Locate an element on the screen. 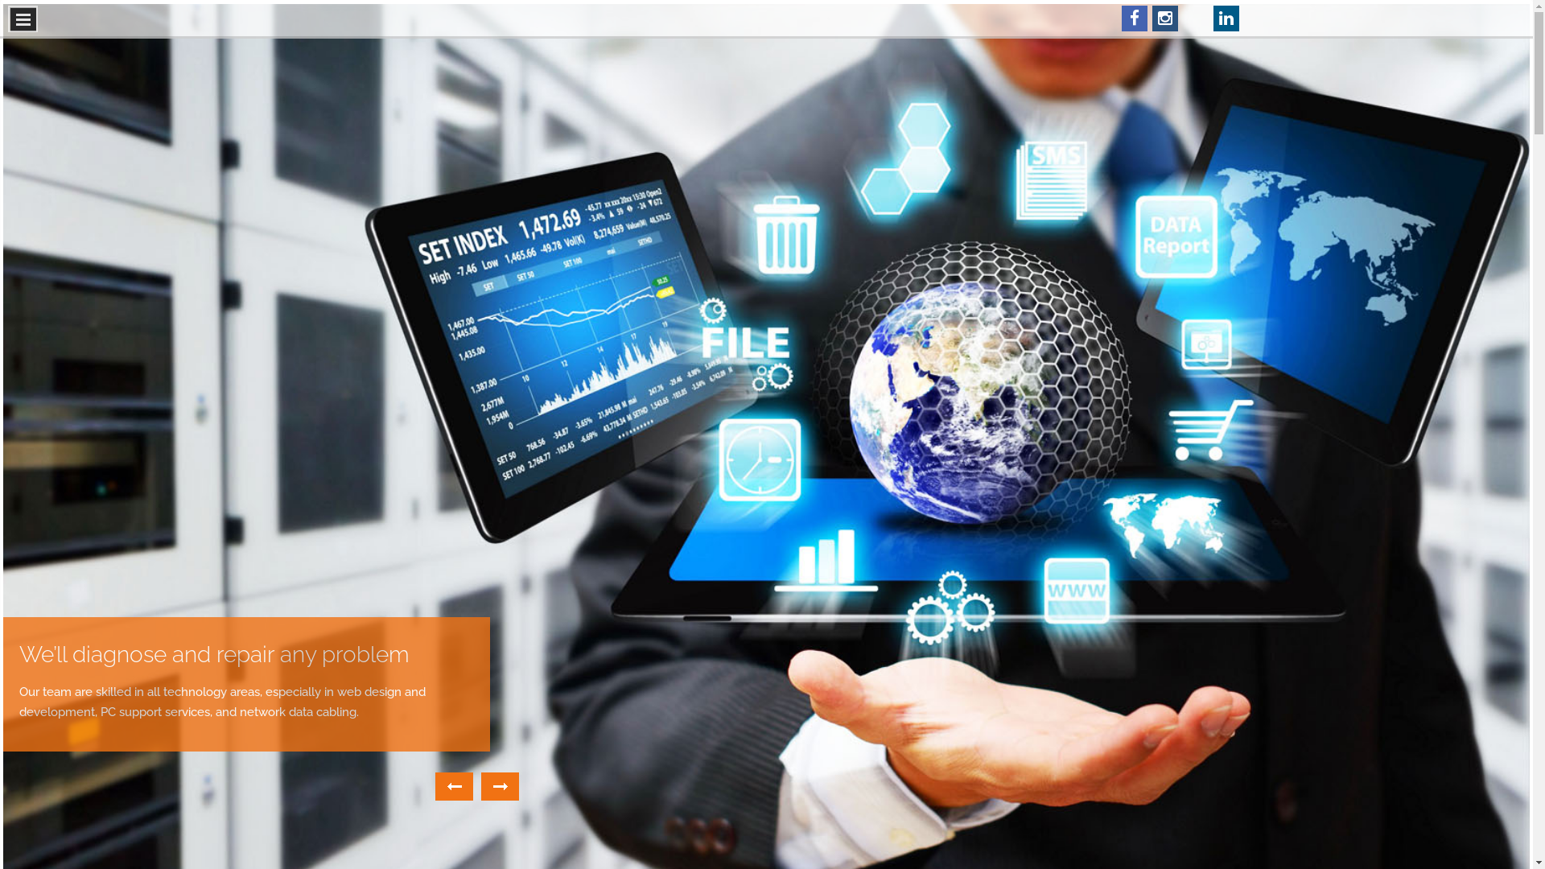  'In2 Computers, Offer Remote & Onsite Support,' is located at coordinates (212, 663).